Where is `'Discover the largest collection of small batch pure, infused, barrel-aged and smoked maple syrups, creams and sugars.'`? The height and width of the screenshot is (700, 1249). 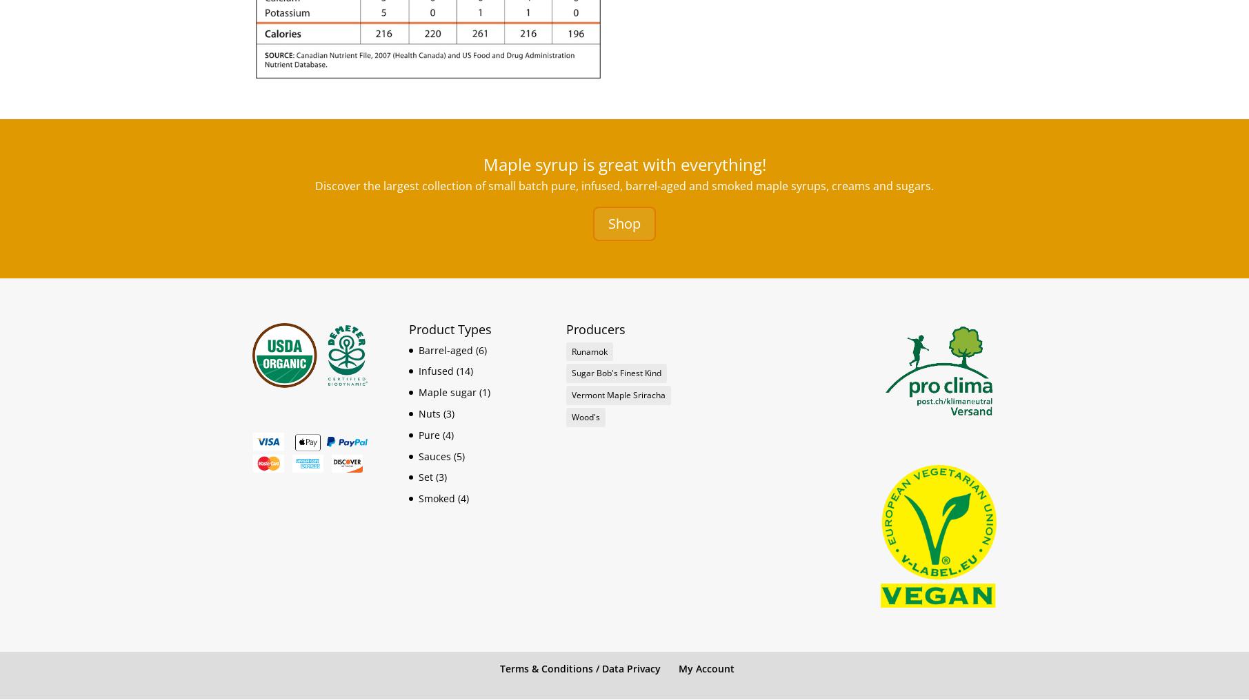 'Discover the largest collection of small batch pure, infused, barrel-aged and smoked maple syrups, creams and sugars.' is located at coordinates (624, 185).